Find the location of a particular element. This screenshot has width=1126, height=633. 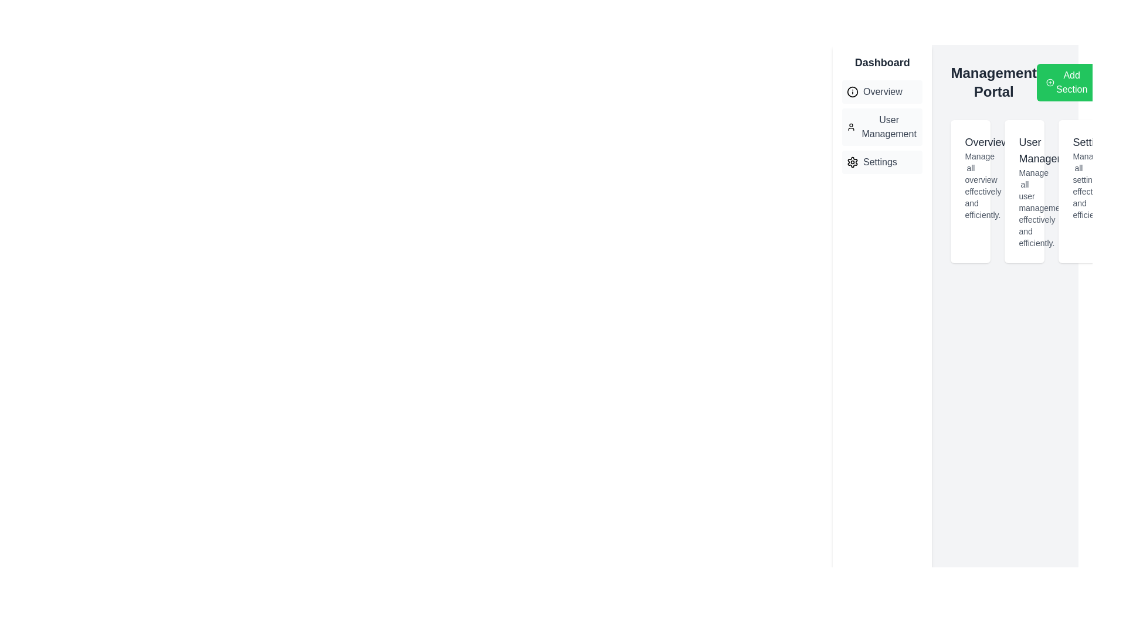

the circular information icon, which has a bold outline and a centered 'i' character, located to the left of the 'Overview' label in the 'Dashboard' section is located at coordinates (853, 91).